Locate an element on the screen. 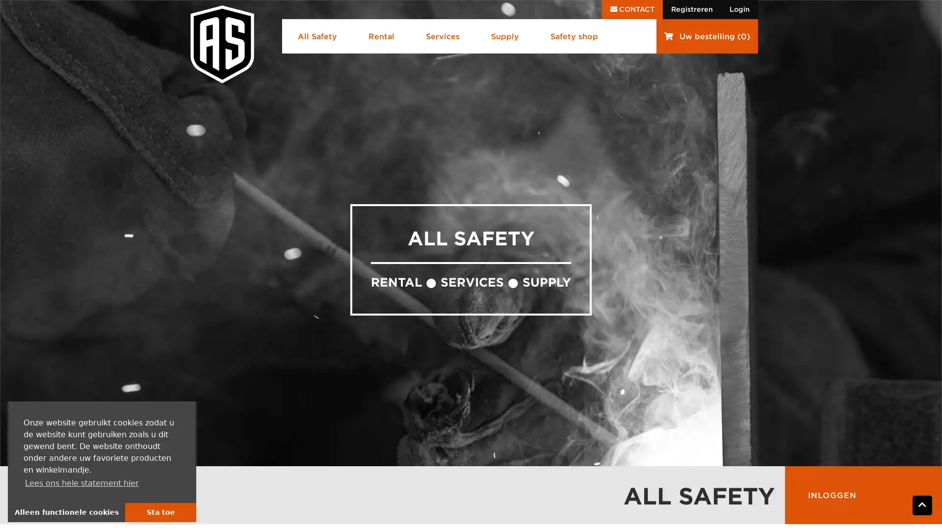  deny cookies is located at coordinates (66, 512).